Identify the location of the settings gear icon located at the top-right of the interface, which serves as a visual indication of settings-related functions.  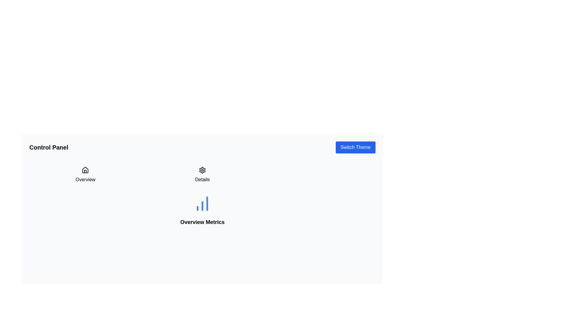
(202, 170).